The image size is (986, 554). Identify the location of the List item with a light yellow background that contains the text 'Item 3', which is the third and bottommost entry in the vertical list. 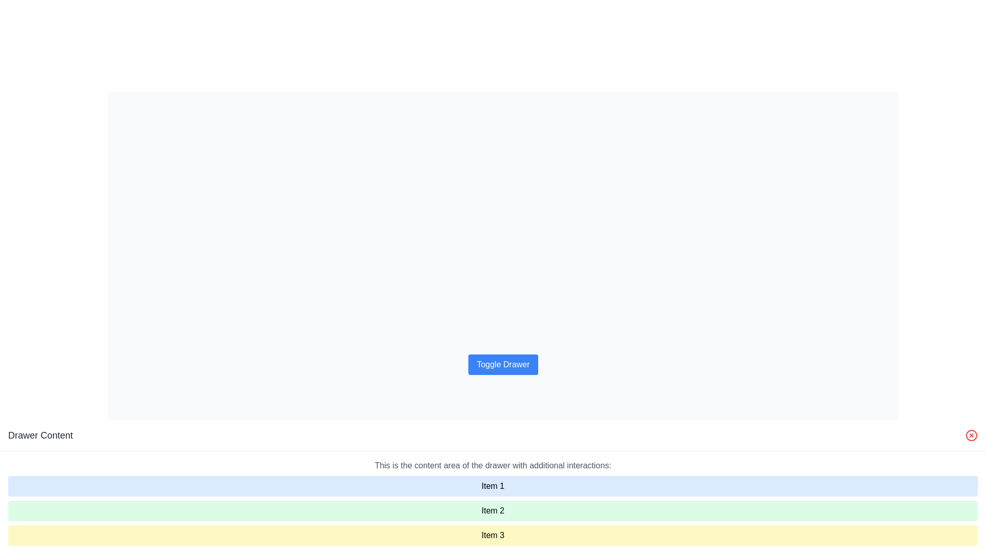
(493, 535).